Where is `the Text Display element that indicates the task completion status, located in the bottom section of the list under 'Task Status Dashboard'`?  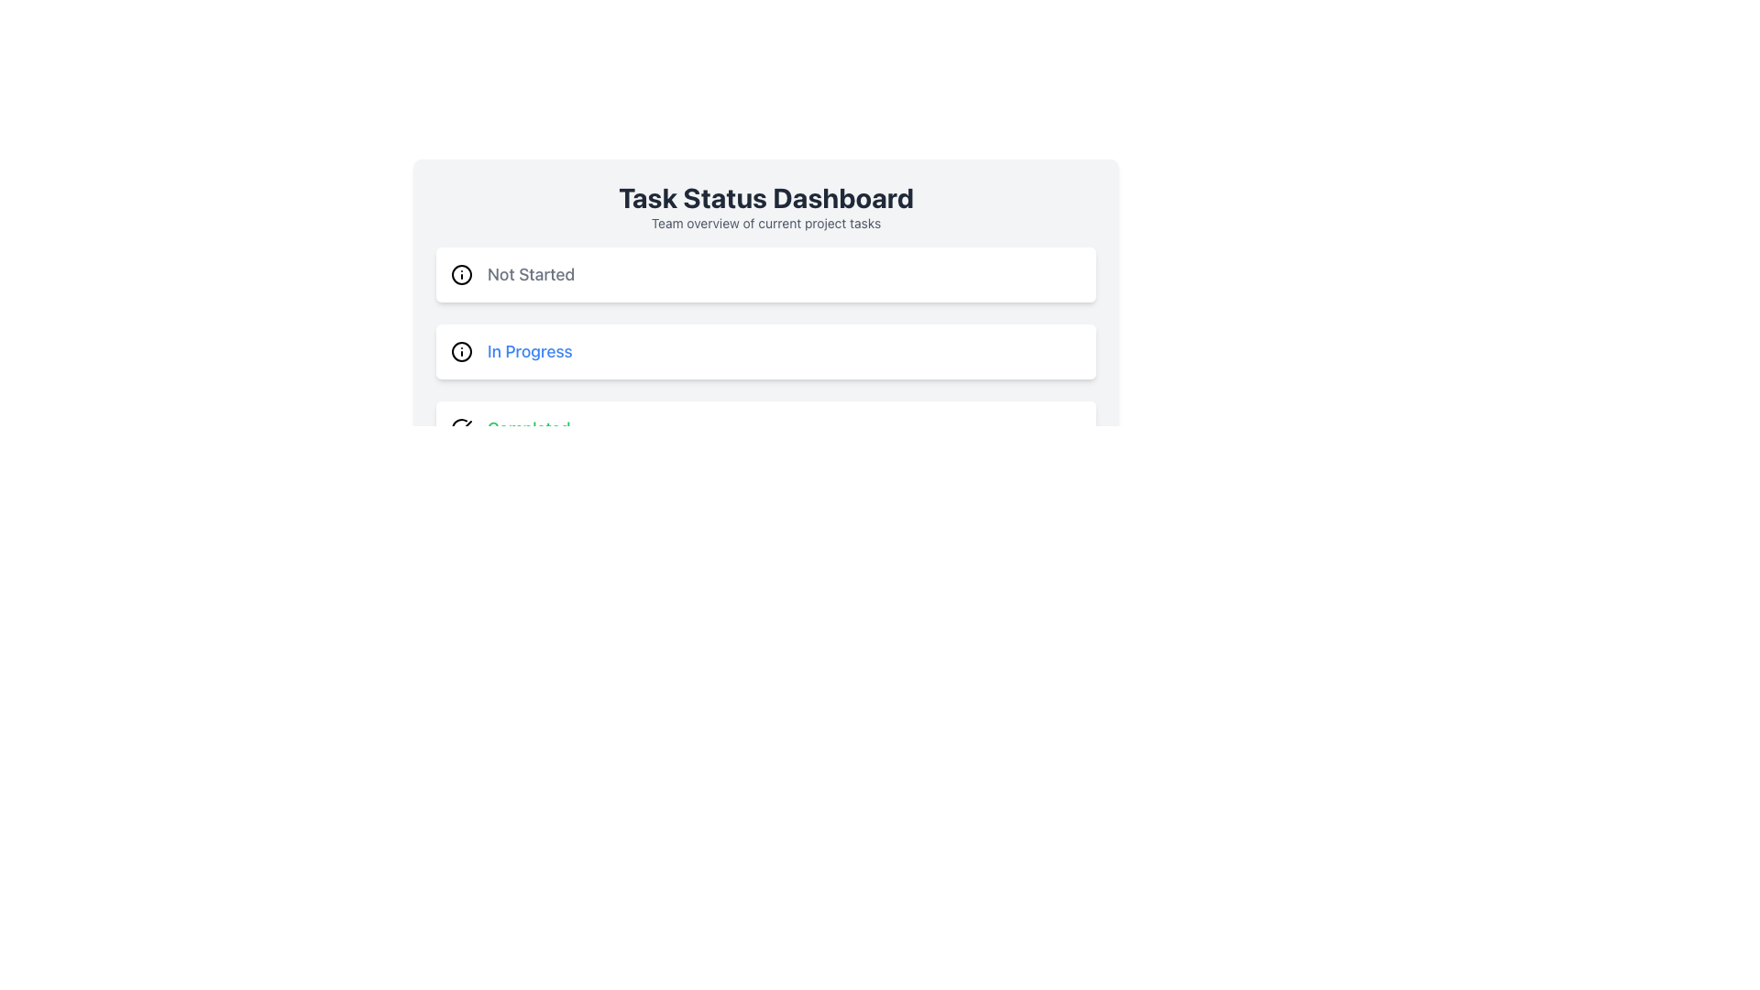
the Text Display element that indicates the task completion status, located in the bottom section of the list under 'Task Status Dashboard' is located at coordinates (528, 428).